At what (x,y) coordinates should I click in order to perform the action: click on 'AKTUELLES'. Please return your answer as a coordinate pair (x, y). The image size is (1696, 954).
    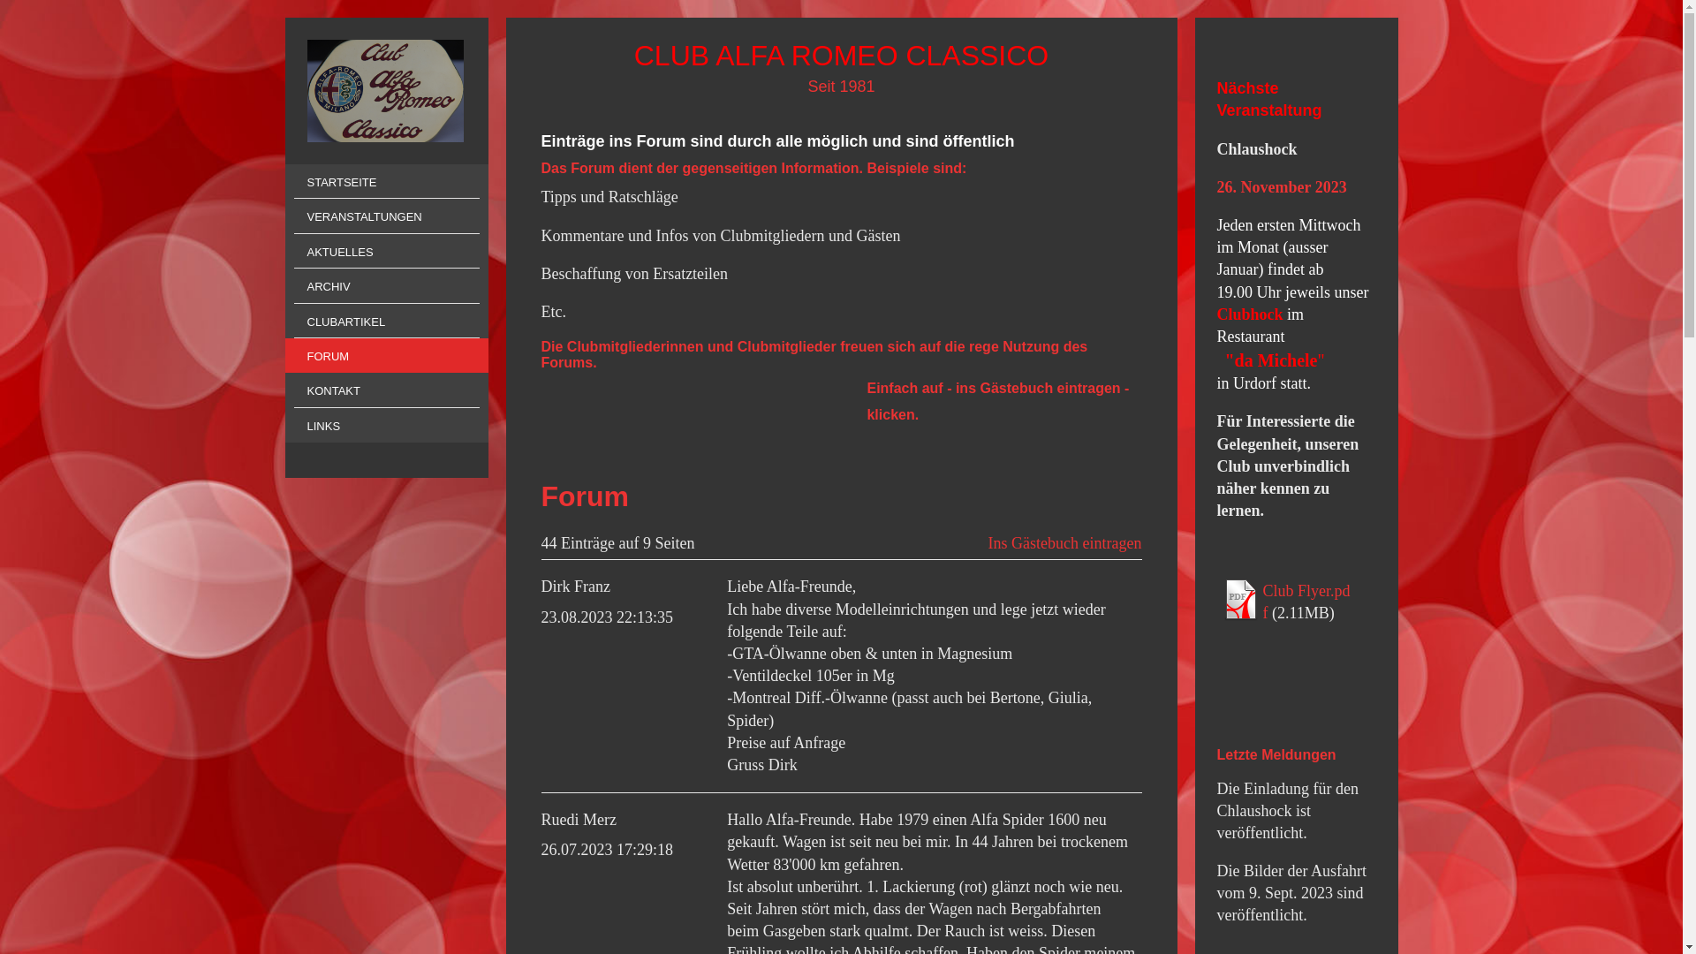
    Looking at the image, I should click on (384, 251).